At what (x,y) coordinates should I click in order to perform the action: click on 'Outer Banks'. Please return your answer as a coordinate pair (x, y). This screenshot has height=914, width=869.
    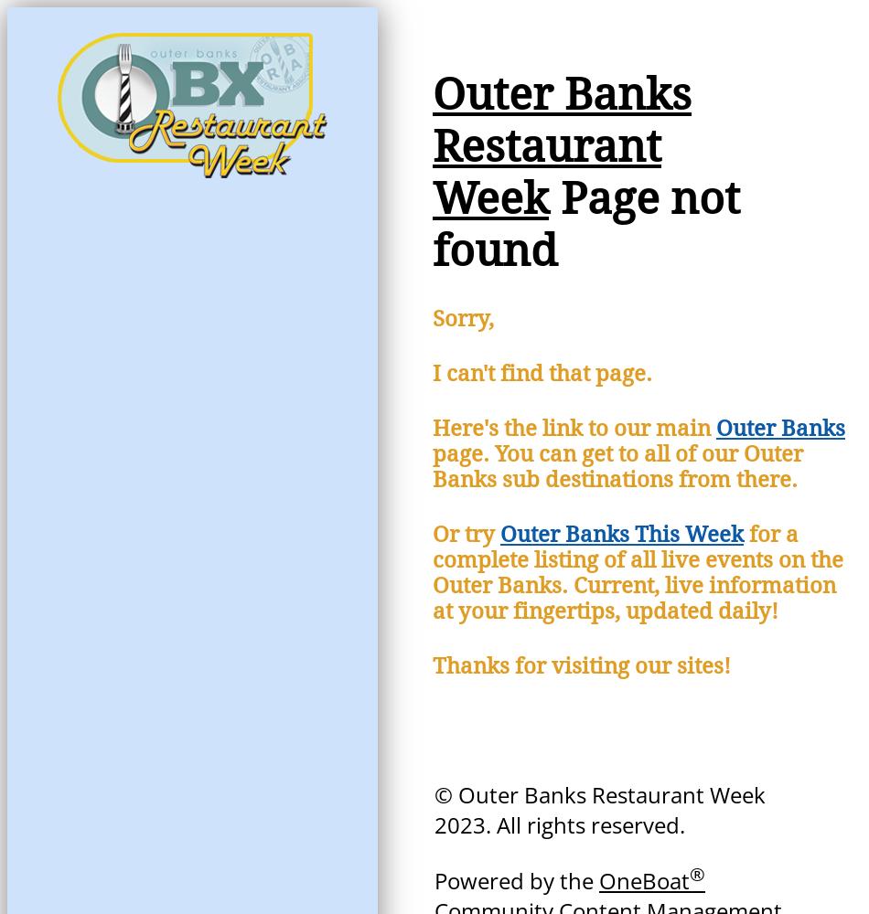
    Looking at the image, I should click on (714, 428).